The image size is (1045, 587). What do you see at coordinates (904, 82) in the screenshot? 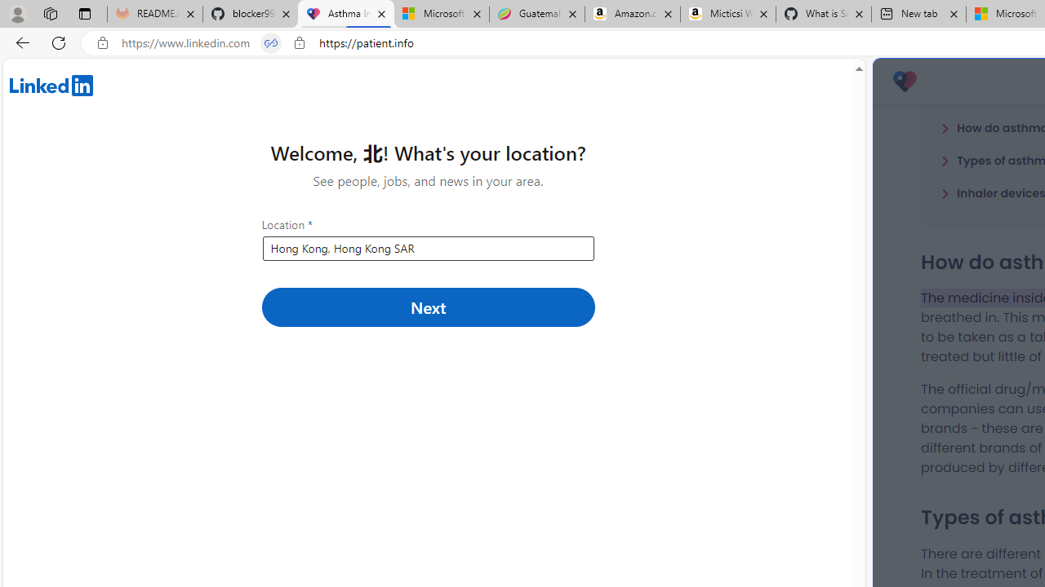
I see `'Patient 3.0'` at bounding box center [904, 82].